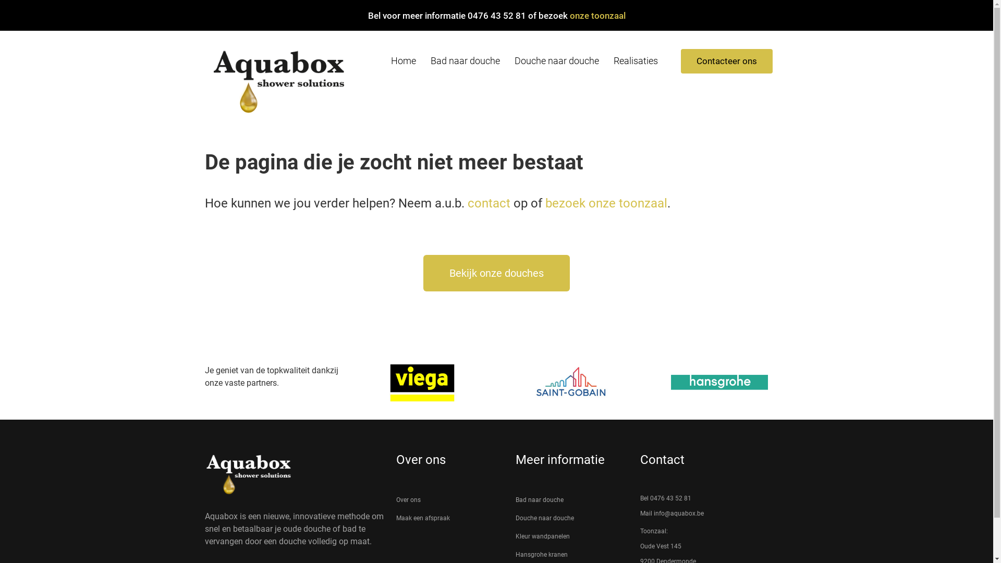 Image resolution: width=1001 pixels, height=563 pixels. What do you see at coordinates (556, 60) in the screenshot?
I see `'Douche naar douche'` at bounding box center [556, 60].